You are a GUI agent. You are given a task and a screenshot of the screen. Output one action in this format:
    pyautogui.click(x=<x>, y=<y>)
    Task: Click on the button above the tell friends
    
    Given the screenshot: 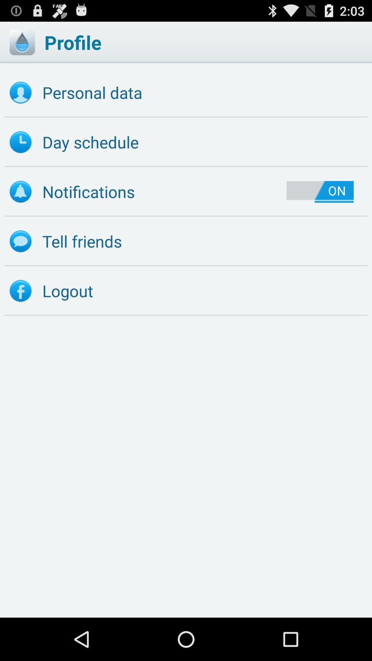 What is the action you would take?
    pyautogui.click(x=320, y=192)
    